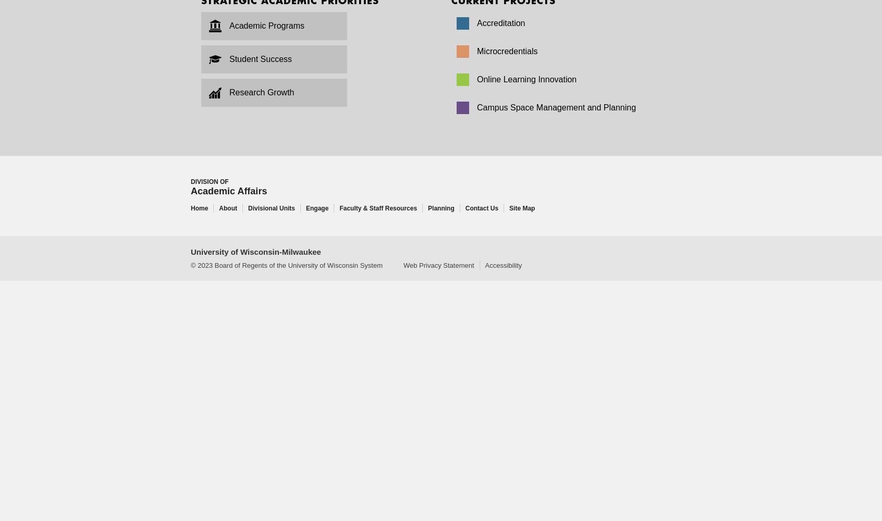 The image size is (882, 521). What do you see at coordinates (501, 23) in the screenshot?
I see `'Accreditation'` at bounding box center [501, 23].